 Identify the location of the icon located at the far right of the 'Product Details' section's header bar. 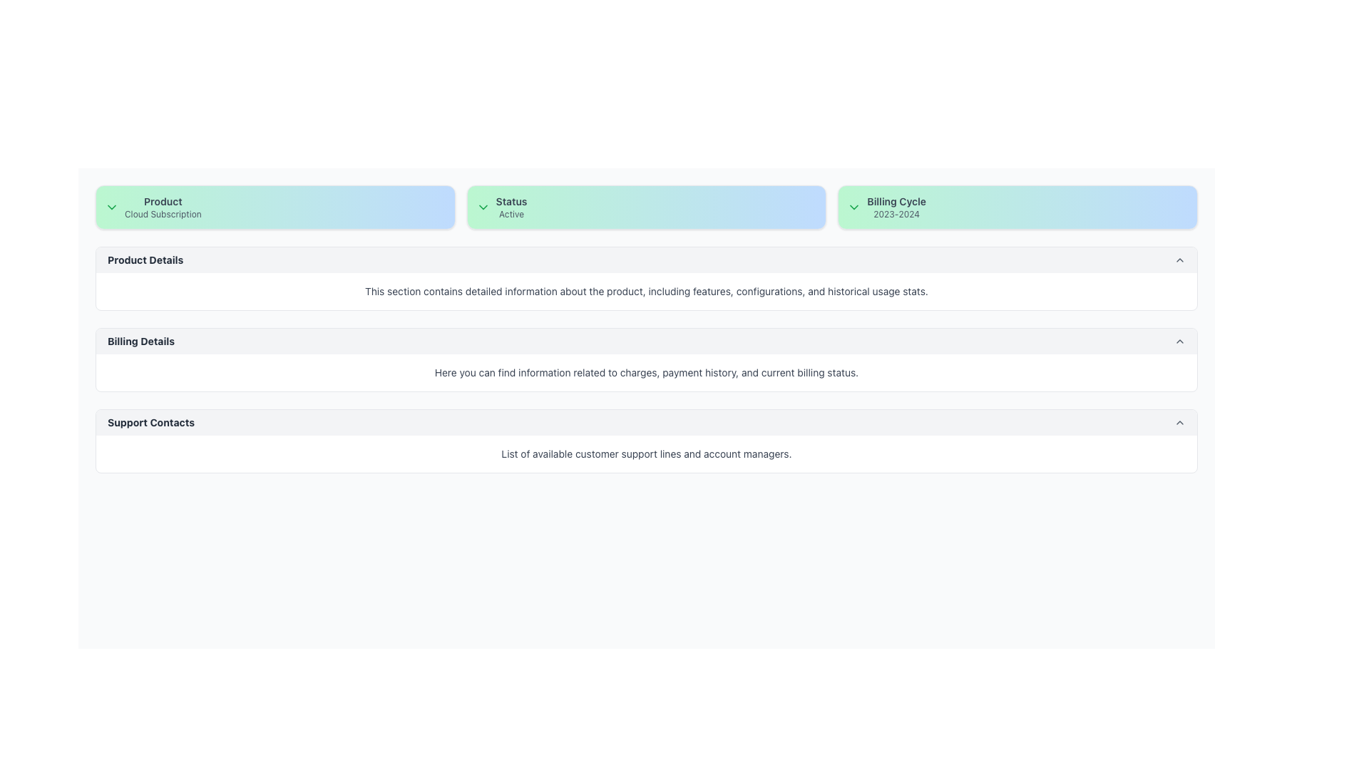
(1180, 260).